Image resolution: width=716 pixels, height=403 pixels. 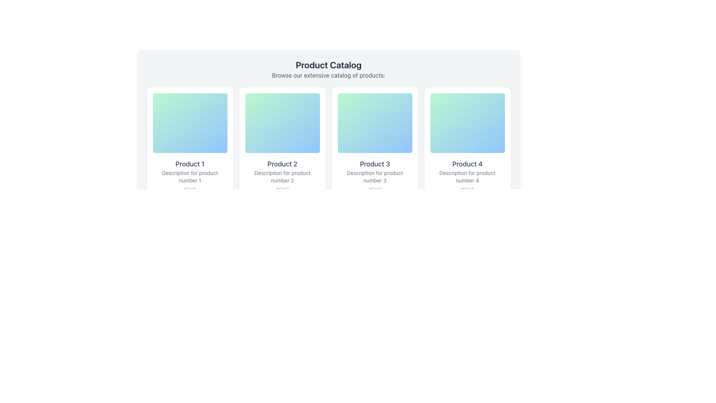 What do you see at coordinates (190, 163) in the screenshot?
I see `the text label displaying 'Product 1' in a bold font style and medium-gray color, located within the card titled 'Product 1'` at bounding box center [190, 163].